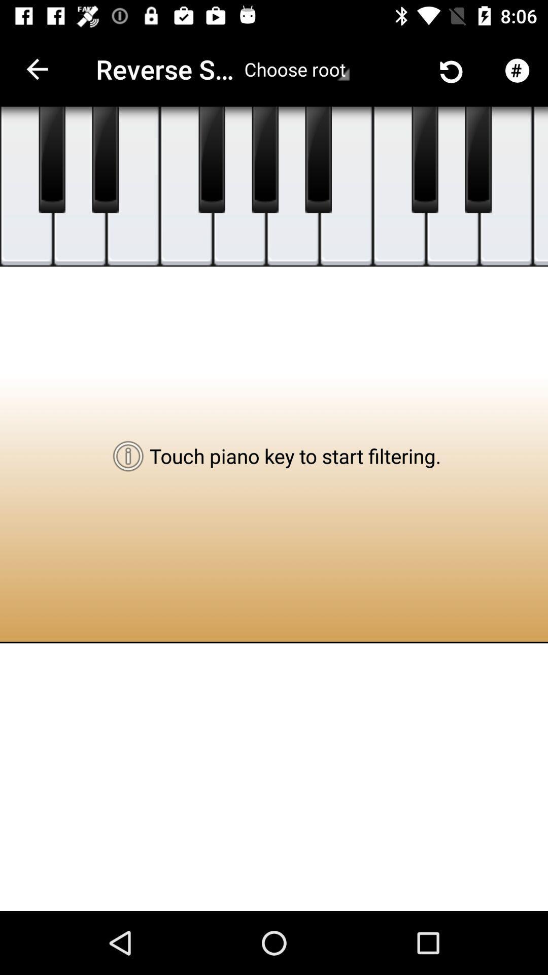 The height and width of the screenshot is (975, 548). What do you see at coordinates (239, 186) in the screenshot?
I see `the fifth key from left` at bounding box center [239, 186].